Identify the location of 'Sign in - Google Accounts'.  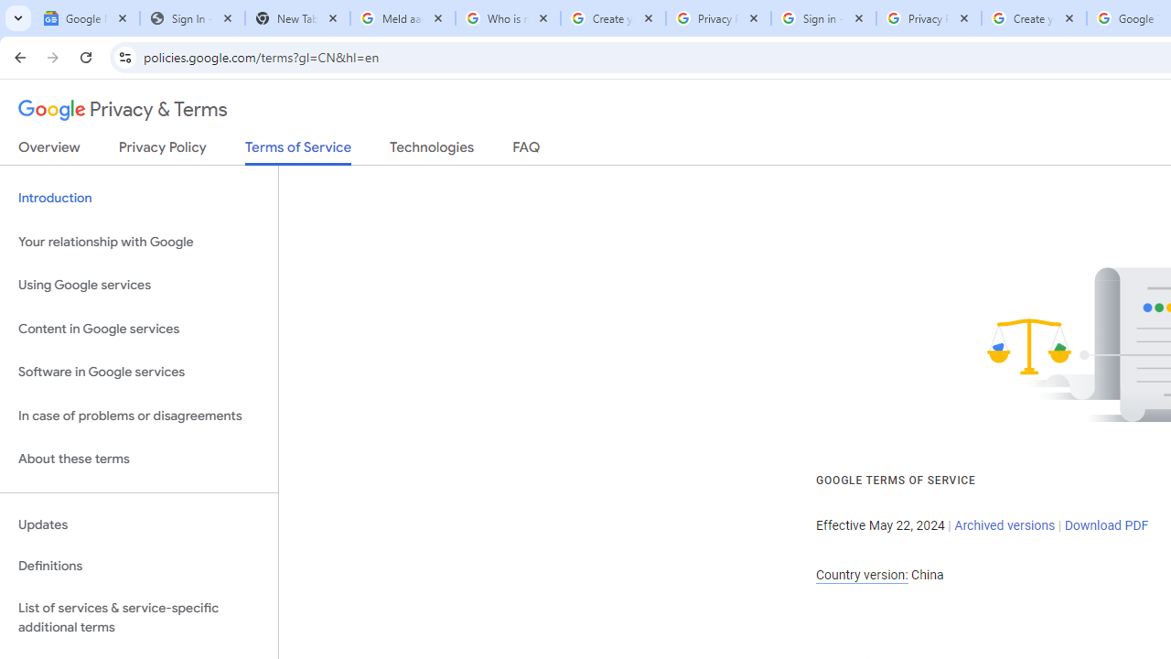
(822, 18).